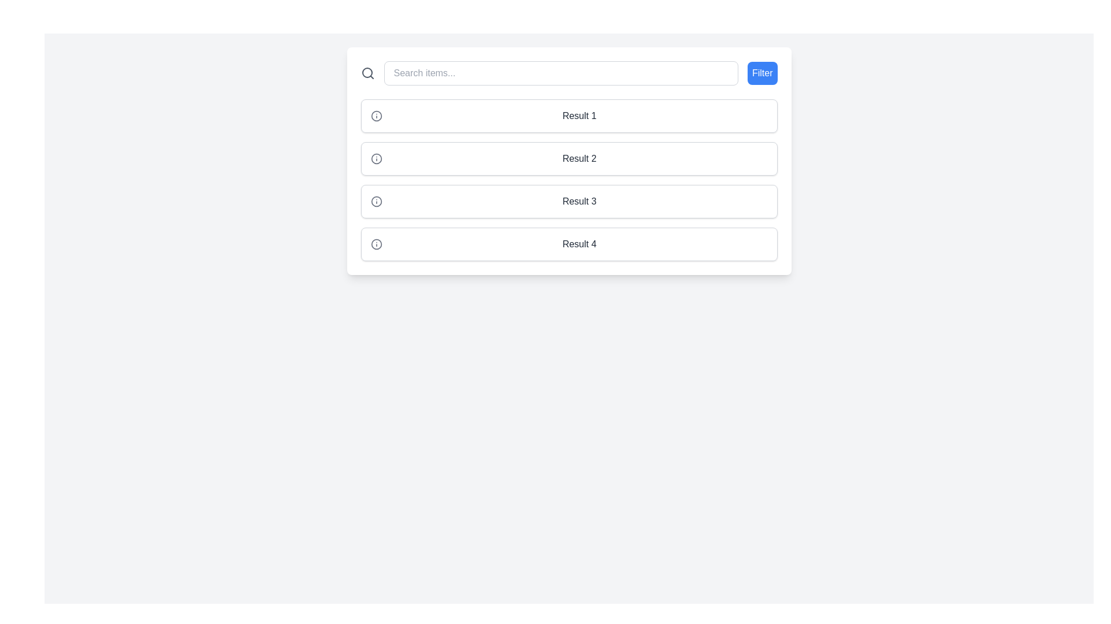 The image size is (1111, 624). I want to click on the search icon that visually represents the search functionality, located at the far left of a horizontal group containing a text input field and a blue button labeled 'Filter', so click(367, 73).